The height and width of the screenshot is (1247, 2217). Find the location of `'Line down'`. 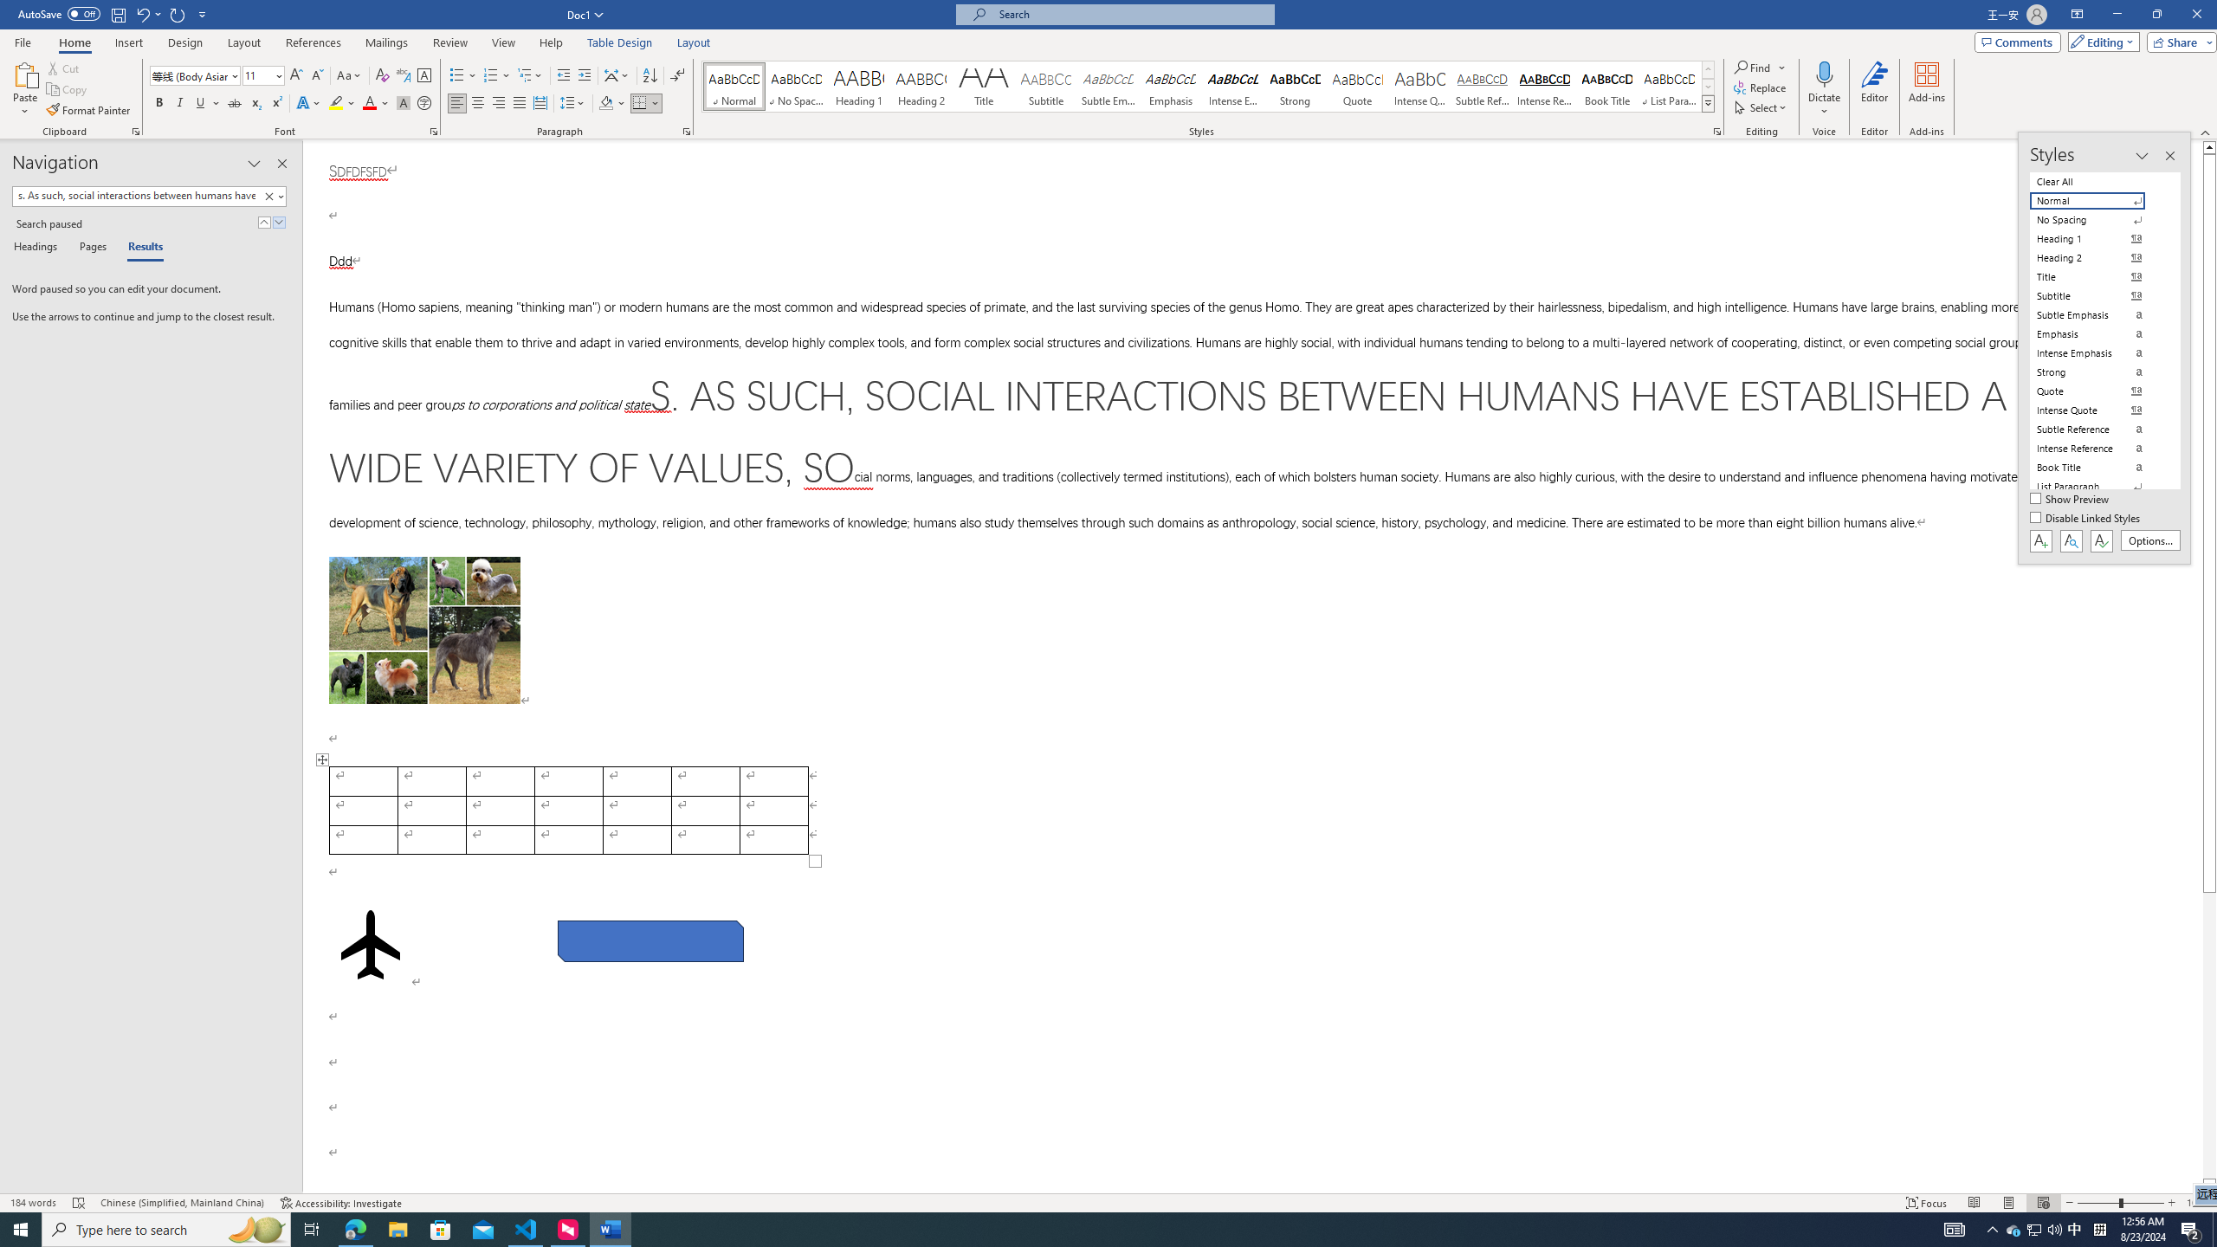

'Line down' is located at coordinates (2209, 1185).